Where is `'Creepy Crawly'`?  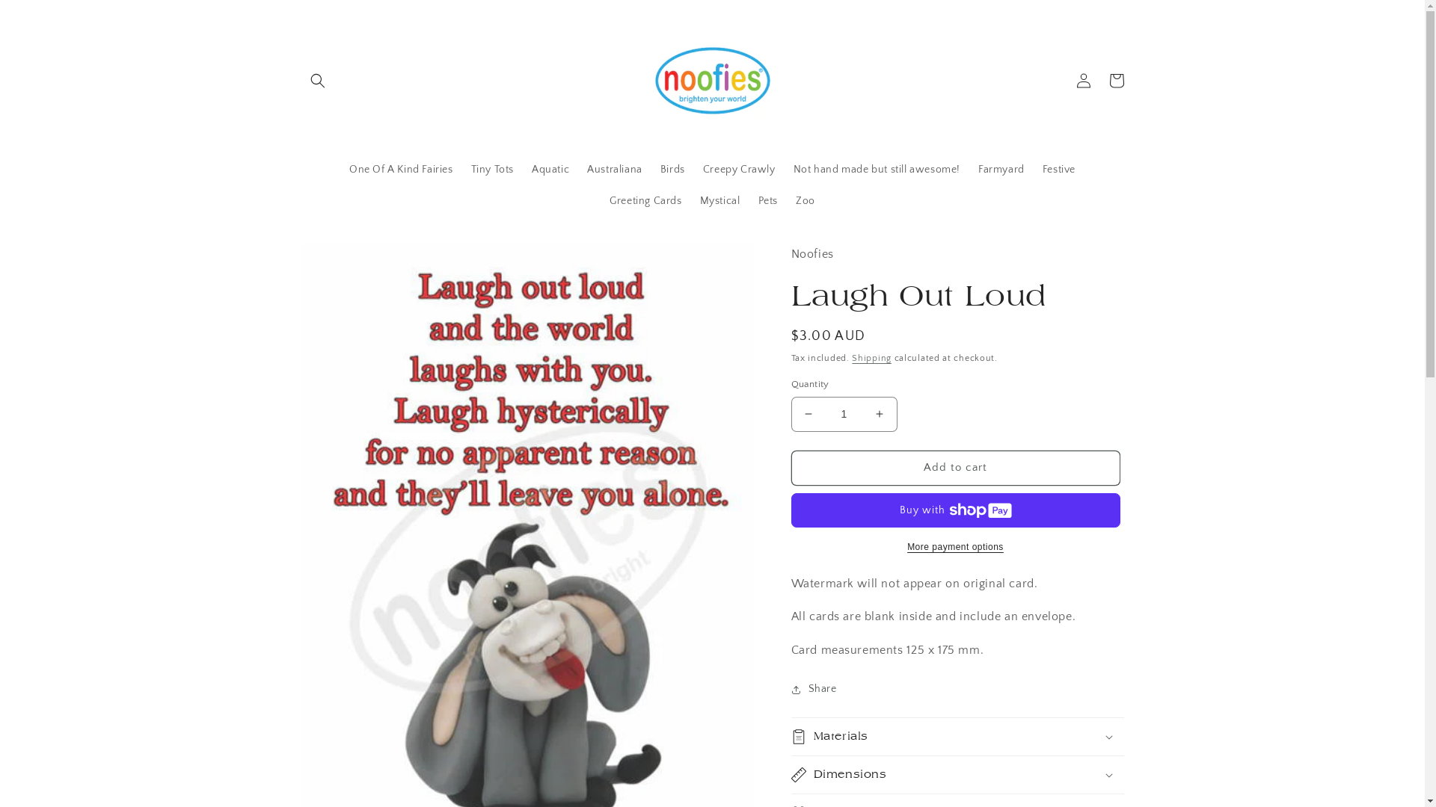
'Creepy Crawly' is located at coordinates (739, 169).